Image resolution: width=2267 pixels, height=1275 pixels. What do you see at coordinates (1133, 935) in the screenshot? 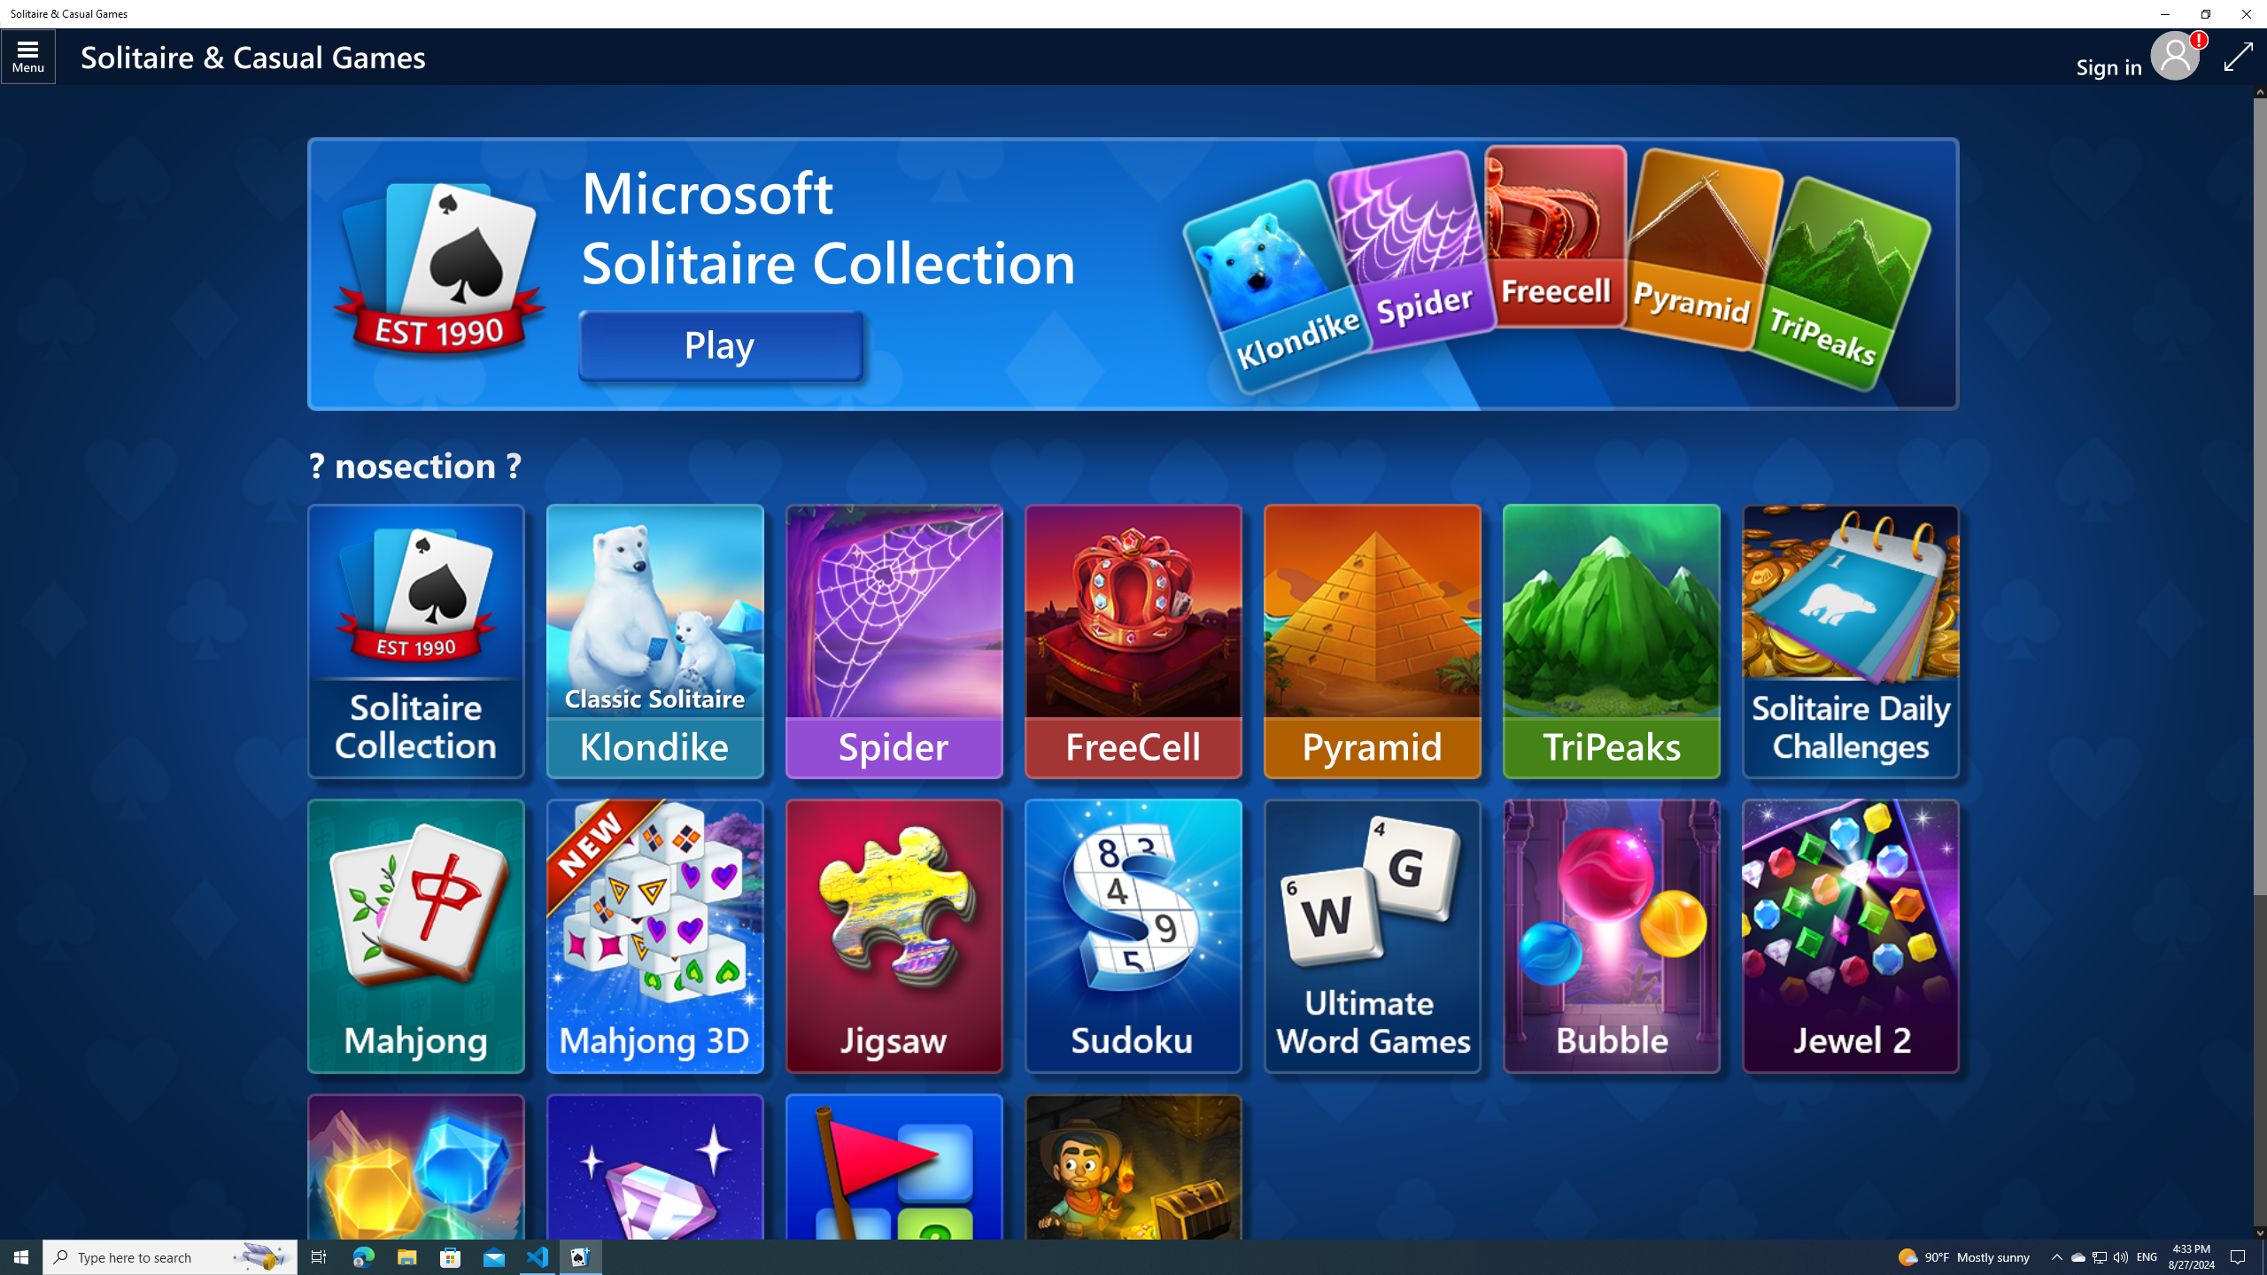
I see `'Microsoft Sudoku'` at bounding box center [1133, 935].